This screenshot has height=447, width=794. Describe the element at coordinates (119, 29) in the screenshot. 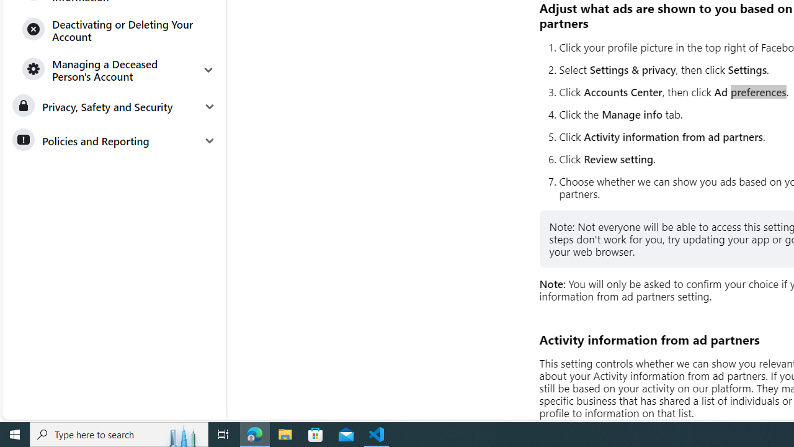

I see `'Deactivating or Deleting Your Account'` at that location.